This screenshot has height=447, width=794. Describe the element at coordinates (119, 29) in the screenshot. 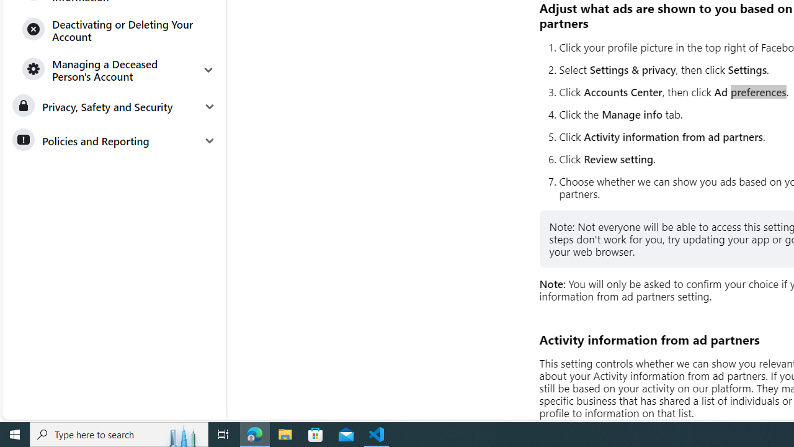

I see `'Deactivating or Deleting Your Account'` at that location.